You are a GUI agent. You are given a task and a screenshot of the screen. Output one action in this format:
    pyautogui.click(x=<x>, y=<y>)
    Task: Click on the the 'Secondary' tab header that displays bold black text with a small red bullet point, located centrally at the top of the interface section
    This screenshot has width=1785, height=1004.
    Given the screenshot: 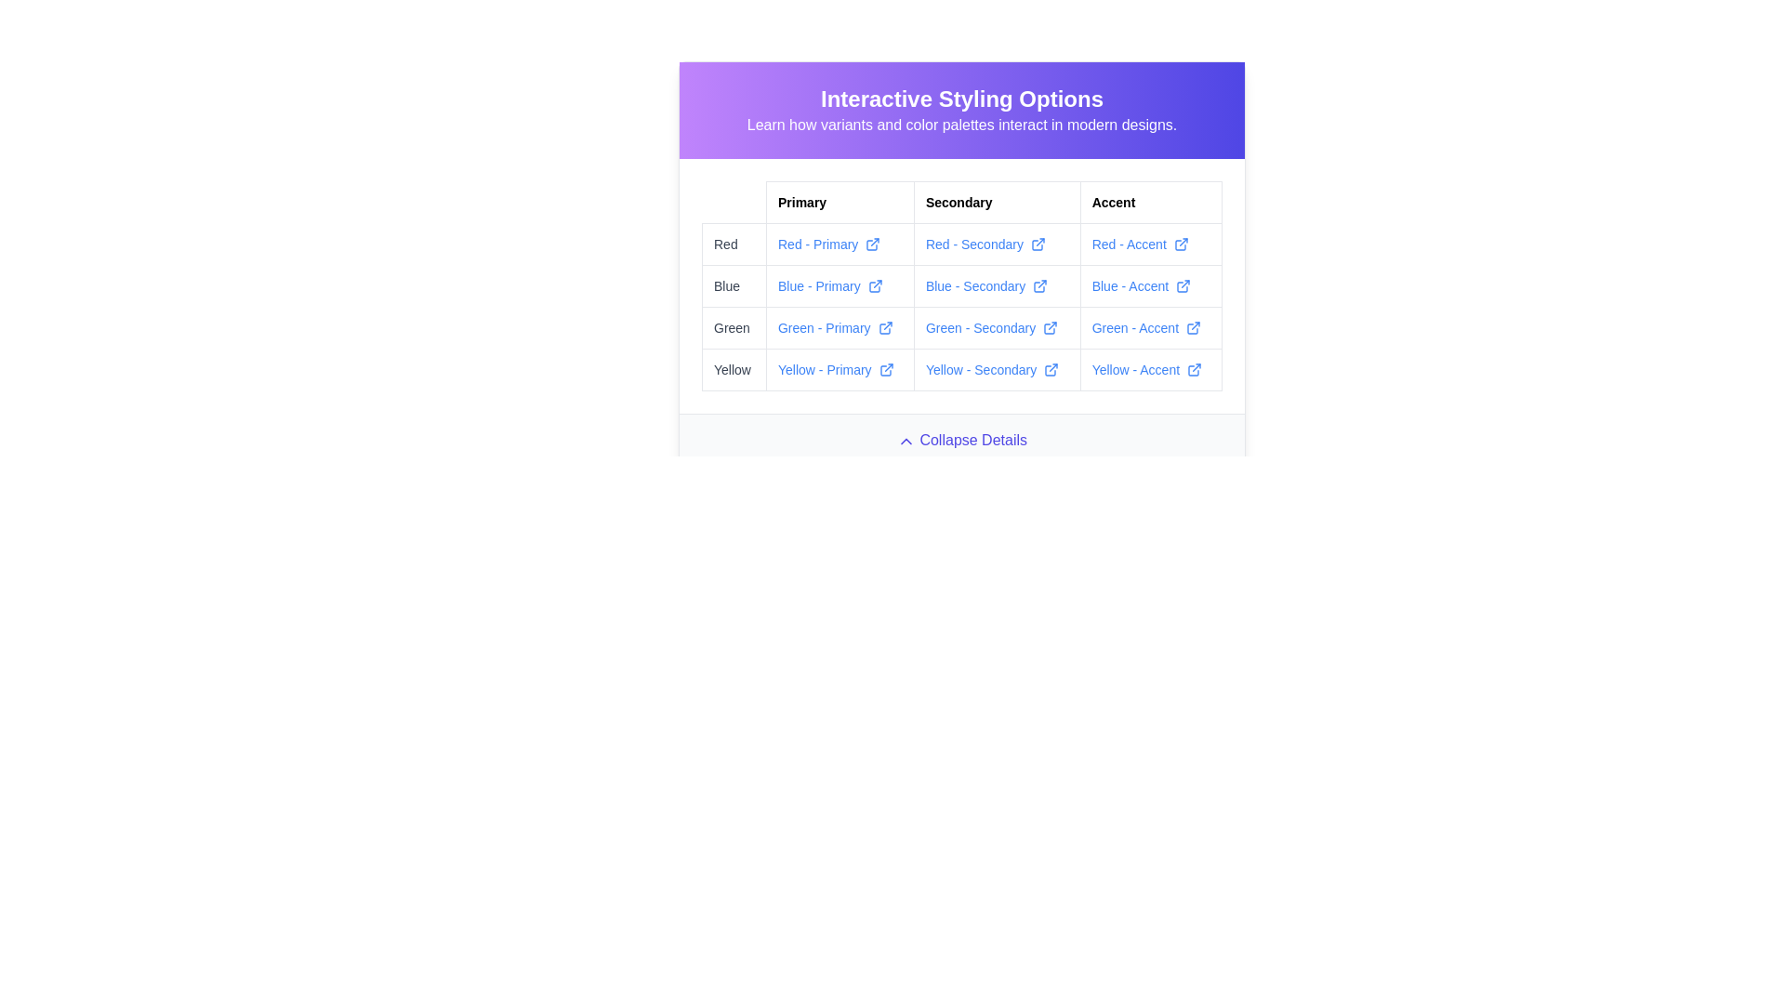 What is the action you would take?
    pyautogui.click(x=996, y=203)
    